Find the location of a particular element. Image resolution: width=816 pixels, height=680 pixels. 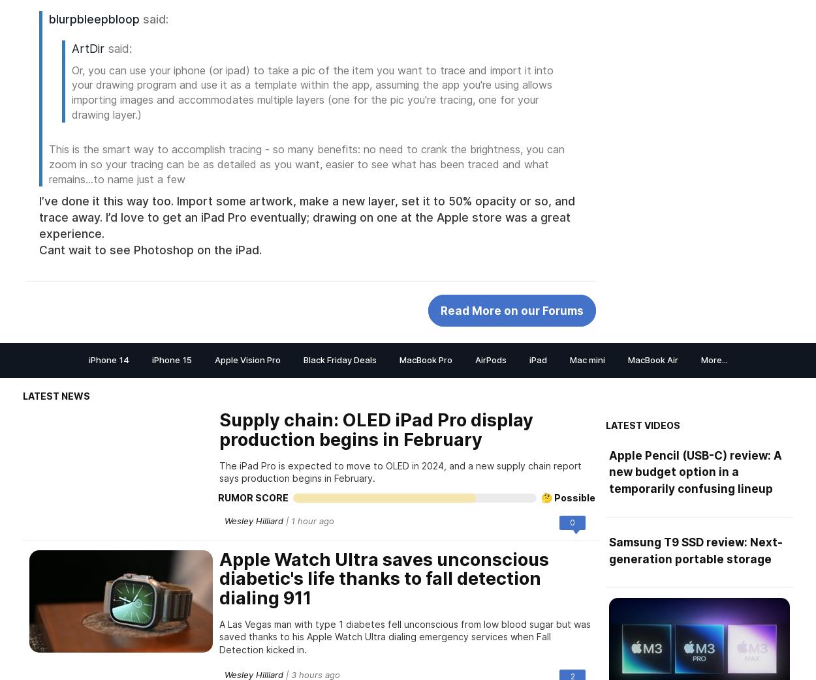

'Latest News' is located at coordinates (55, 394).